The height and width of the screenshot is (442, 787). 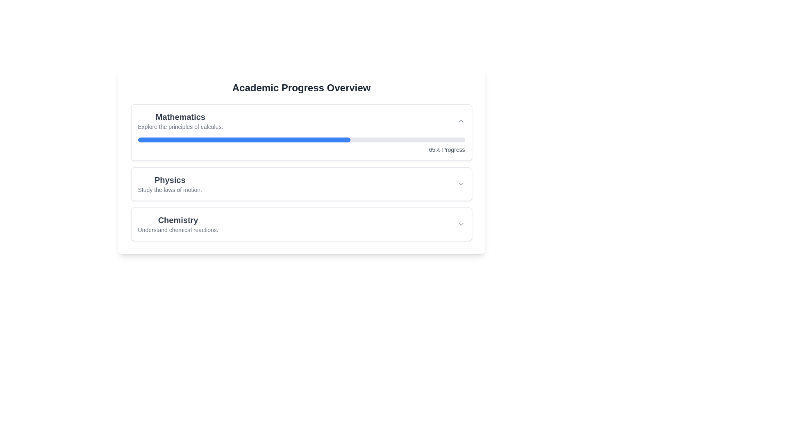 I want to click on the 'Chemistry' text block, which is bold and styled as a header in a large gray font, located under 'Academic Progress Overview.', so click(x=177, y=224).